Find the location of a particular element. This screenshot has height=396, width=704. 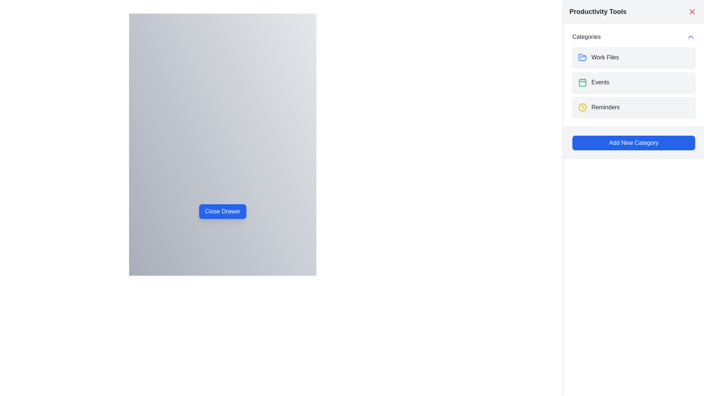

the Dropdown toggle button represented by a blue downward-facing chevron icon located in the top-right corner of the 'Categories' section is located at coordinates (690, 37).